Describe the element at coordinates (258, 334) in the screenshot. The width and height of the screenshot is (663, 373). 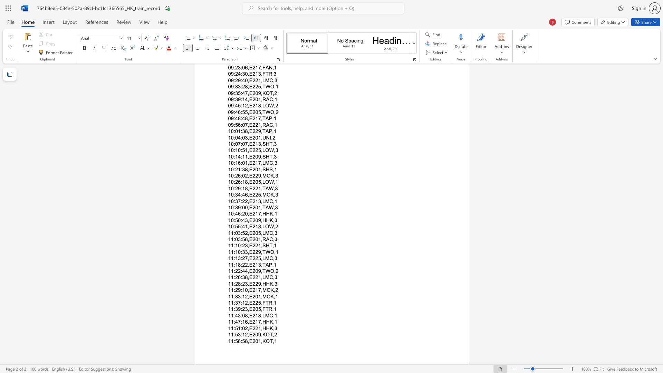
I see `the space between the continuous character "0" and "9" in the text` at that location.